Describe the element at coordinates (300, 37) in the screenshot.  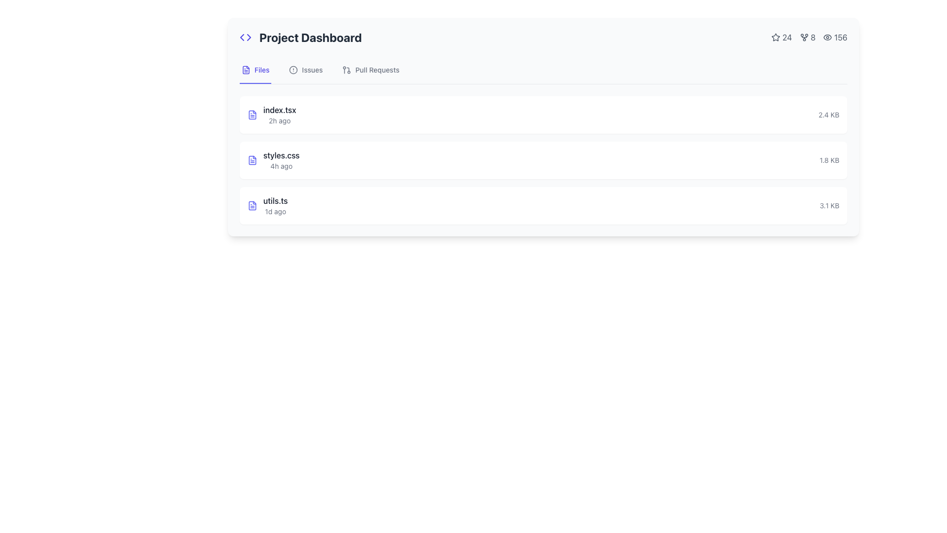
I see `the text label that serves as the title for the current project's dashboard, located in the top-left quadrant of the page` at that location.